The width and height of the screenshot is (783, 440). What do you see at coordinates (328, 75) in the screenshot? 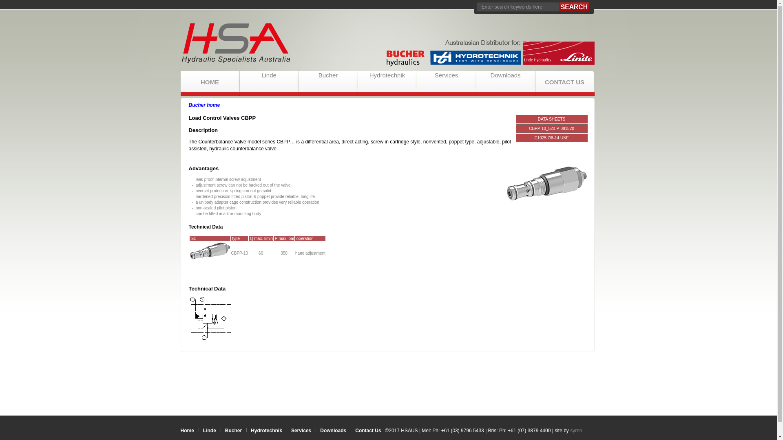
I see `'Bucher'` at bounding box center [328, 75].